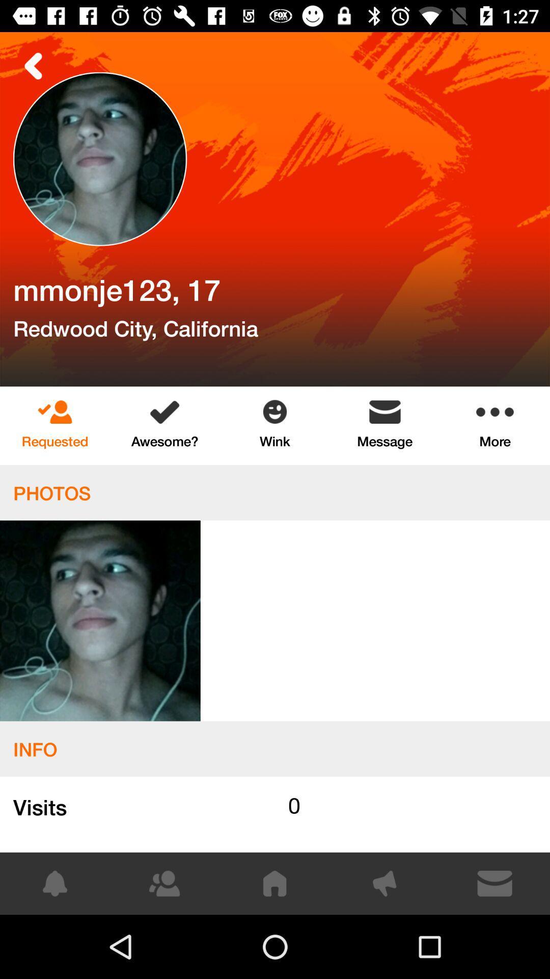  I want to click on the arrow_backward icon, so click(33, 65).